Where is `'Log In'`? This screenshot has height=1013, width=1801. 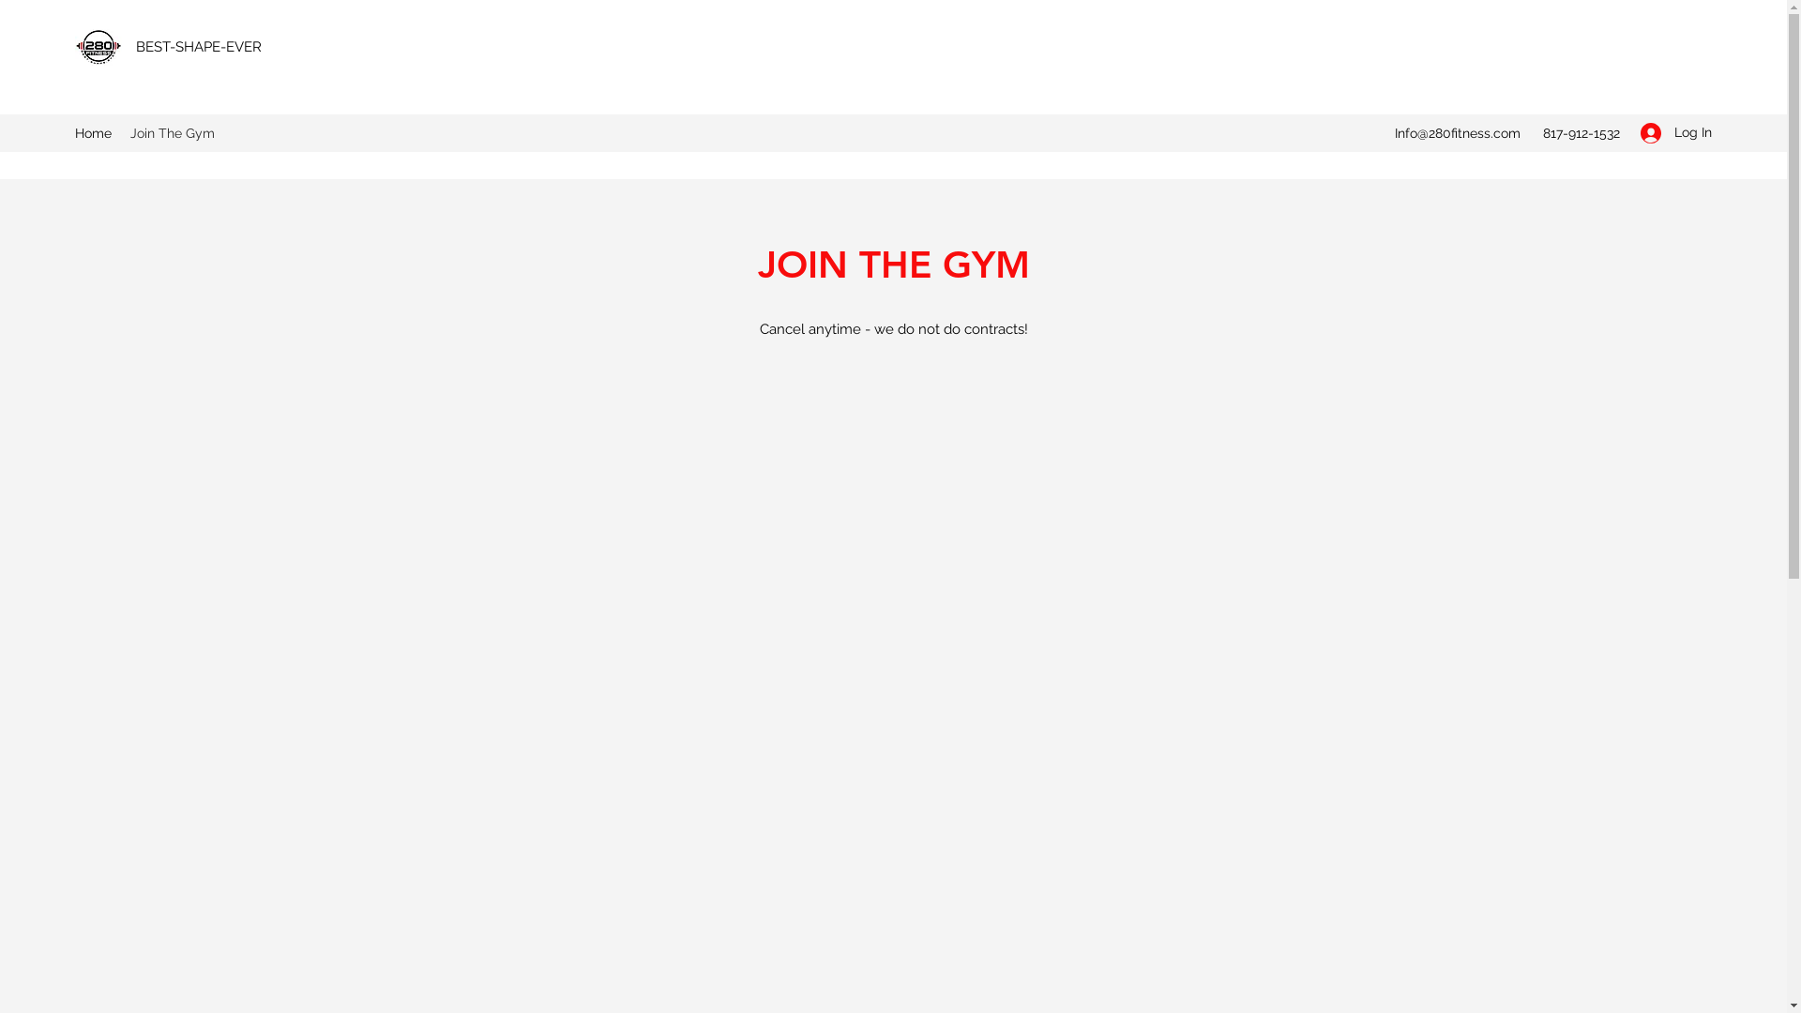 'Log In' is located at coordinates (1670, 131).